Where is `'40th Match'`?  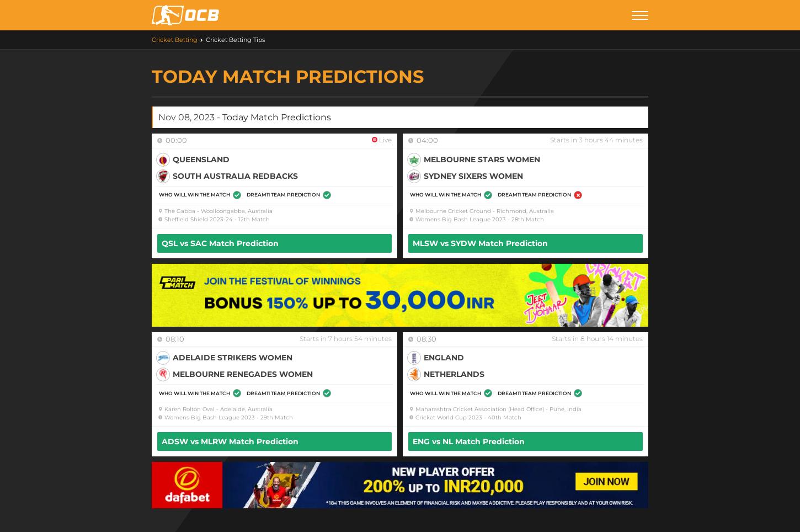
'40th Match' is located at coordinates (504, 417).